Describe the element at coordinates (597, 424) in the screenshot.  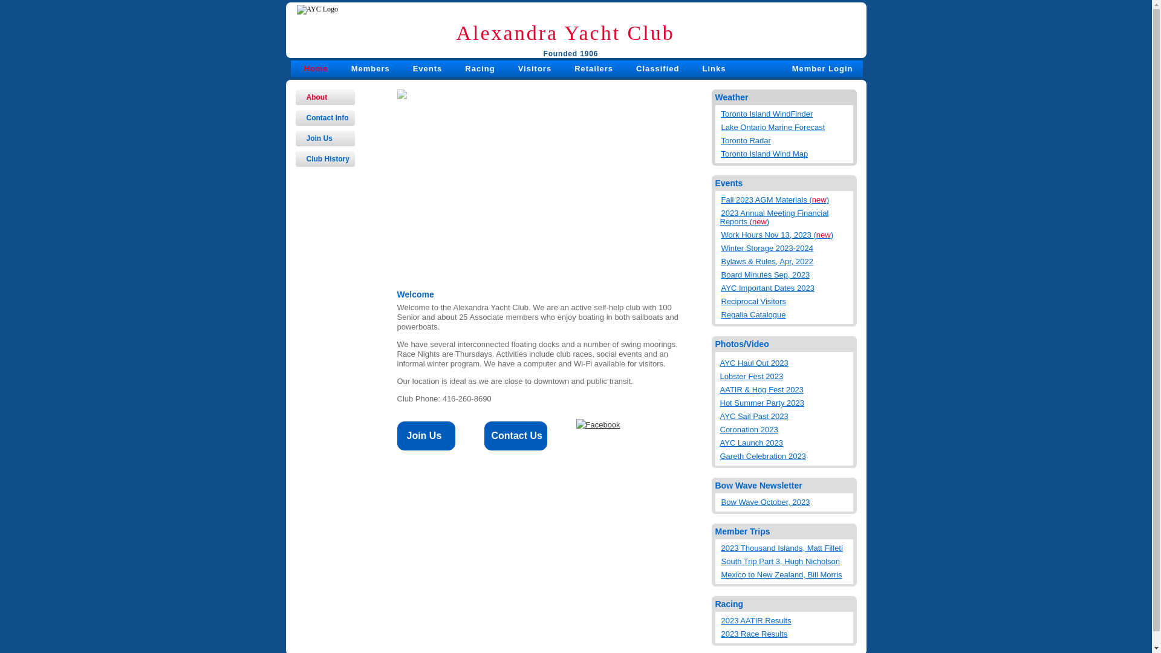
I see `'Facebook'` at that location.